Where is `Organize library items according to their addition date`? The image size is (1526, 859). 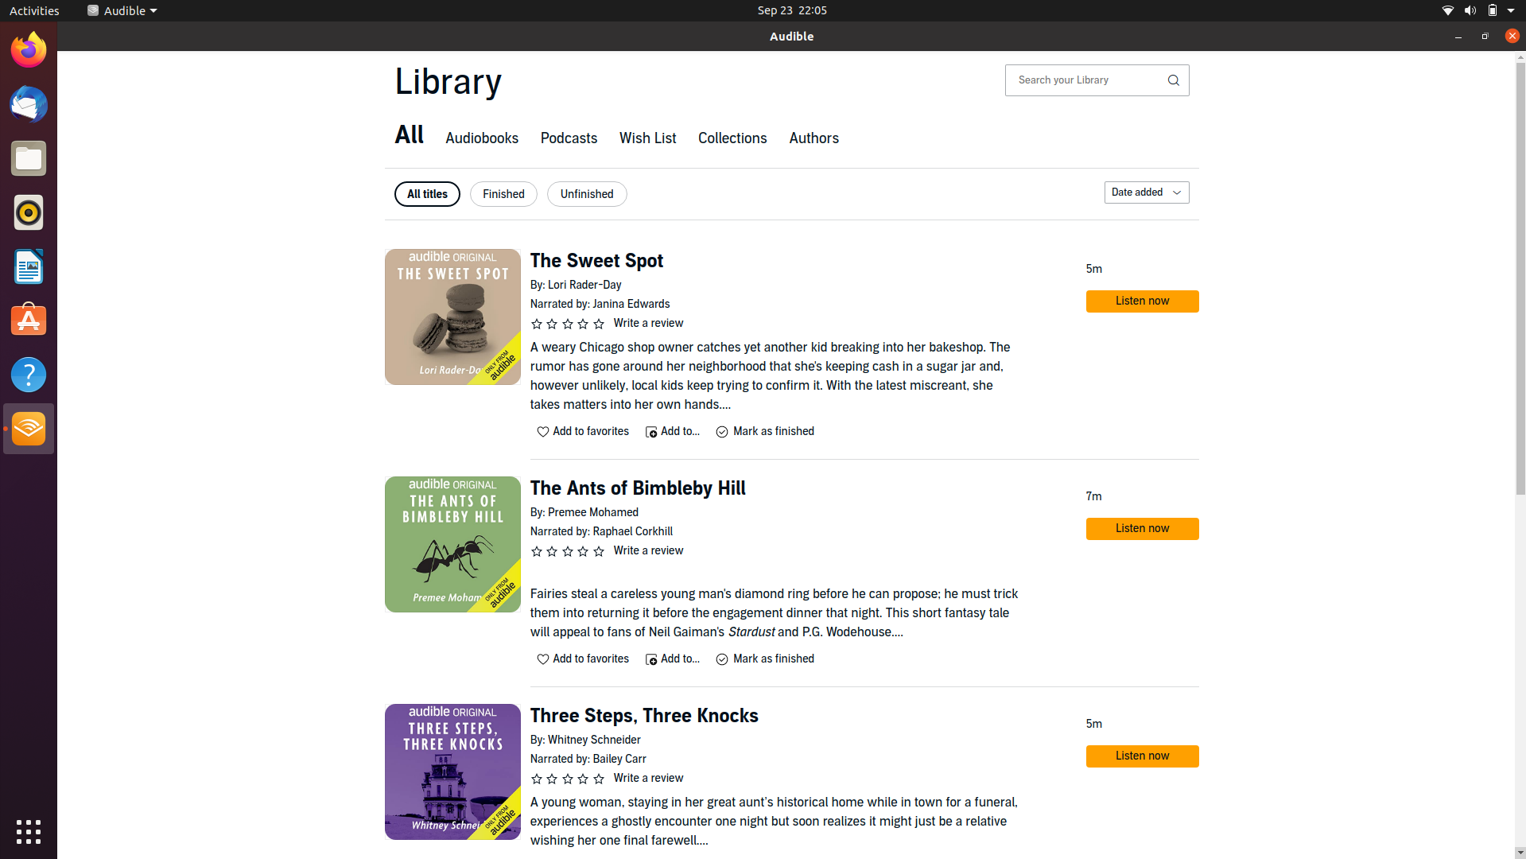 Organize library items according to their addition date is located at coordinates (1145, 192).